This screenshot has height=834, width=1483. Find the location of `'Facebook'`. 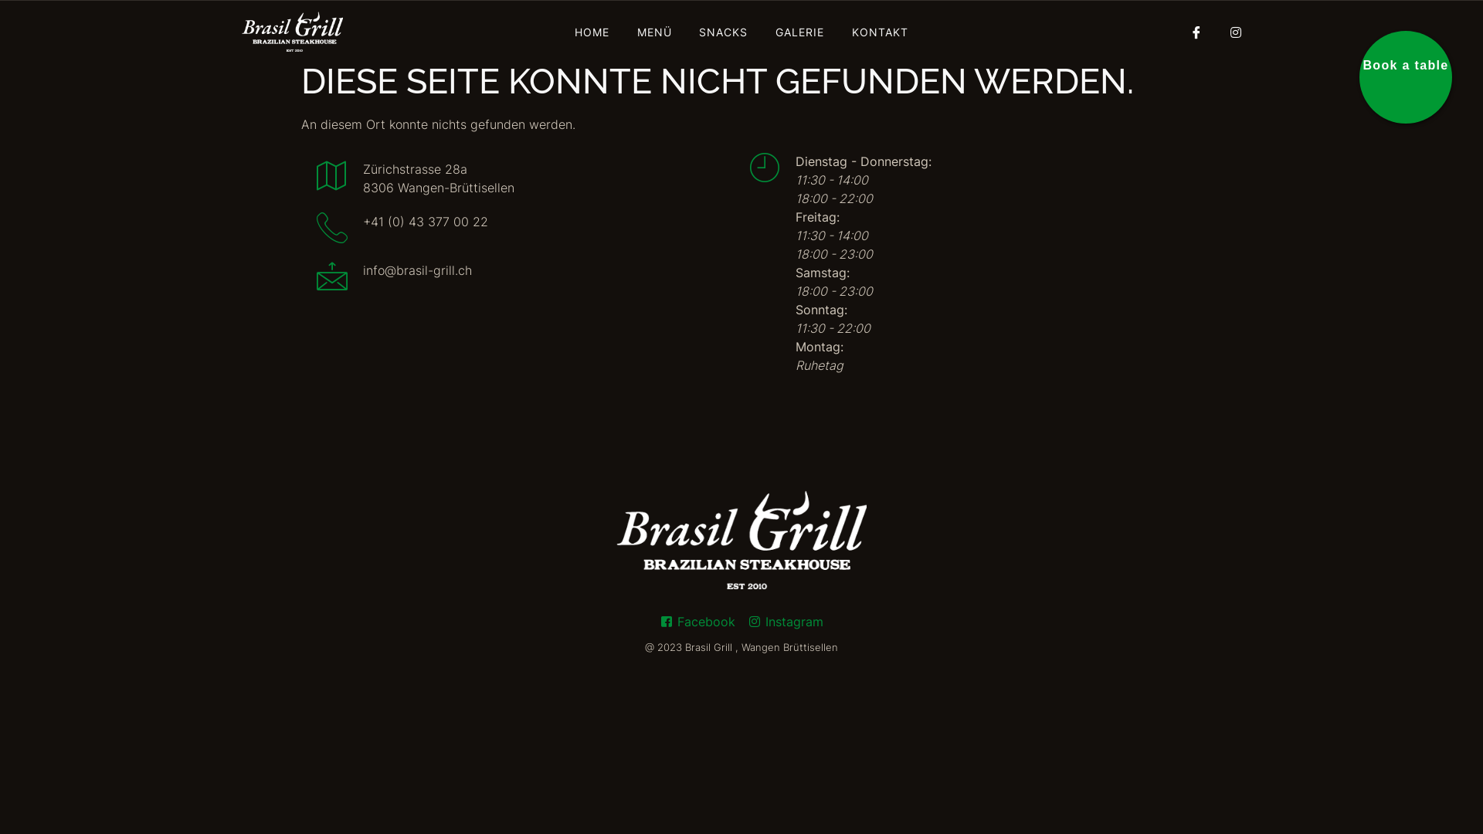

'Facebook' is located at coordinates (696, 621).